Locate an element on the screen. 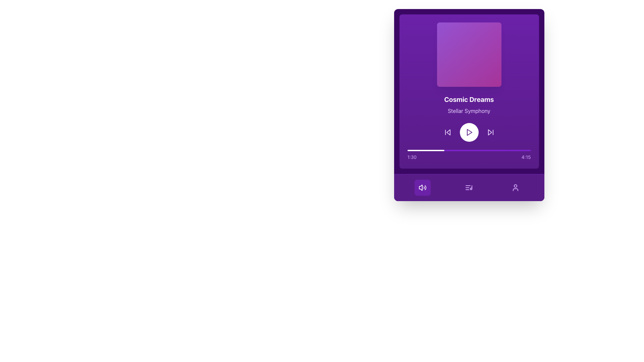 The width and height of the screenshot is (644, 362). the clickable button in the bottom navigation bar that manages playlists by is located at coordinates (469, 187).